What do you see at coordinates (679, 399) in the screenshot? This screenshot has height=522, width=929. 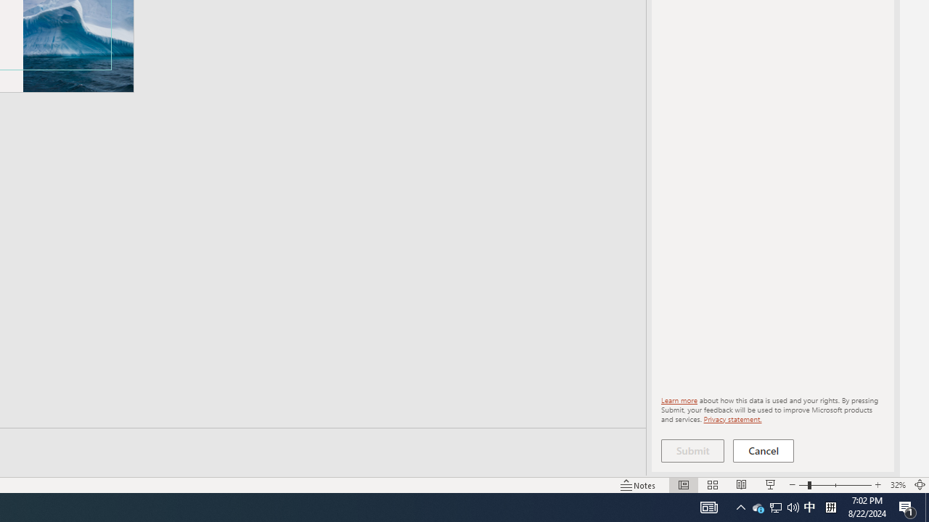 I see `'Learn more'` at bounding box center [679, 399].